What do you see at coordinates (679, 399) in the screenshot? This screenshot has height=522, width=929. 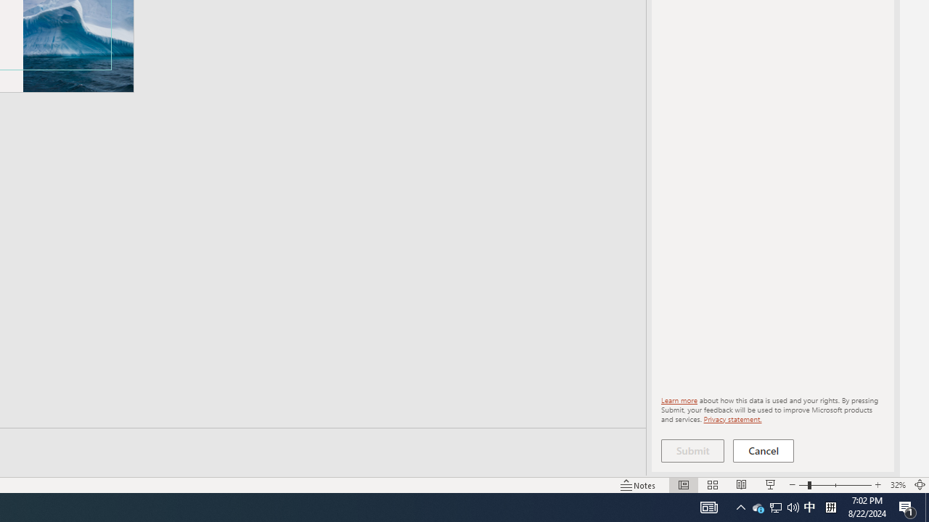 I see `'Learn more'` at bounding box center [679, 399].